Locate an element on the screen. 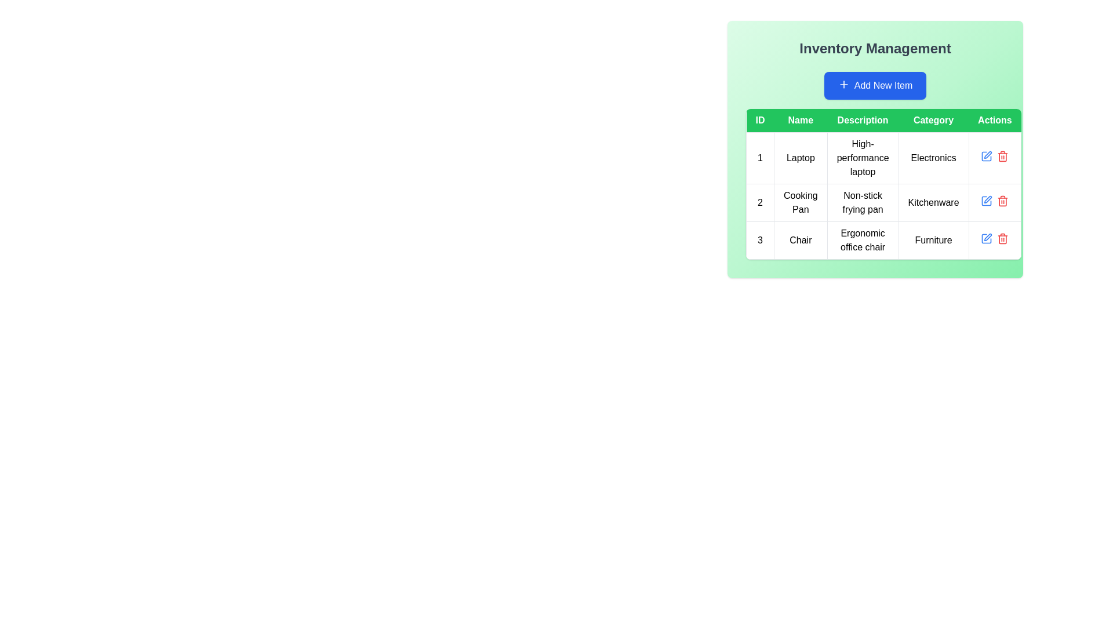 The image size is (1113, 626). the Trash Can icon in the Actions column of the table is located at coordinates (1002, 155).